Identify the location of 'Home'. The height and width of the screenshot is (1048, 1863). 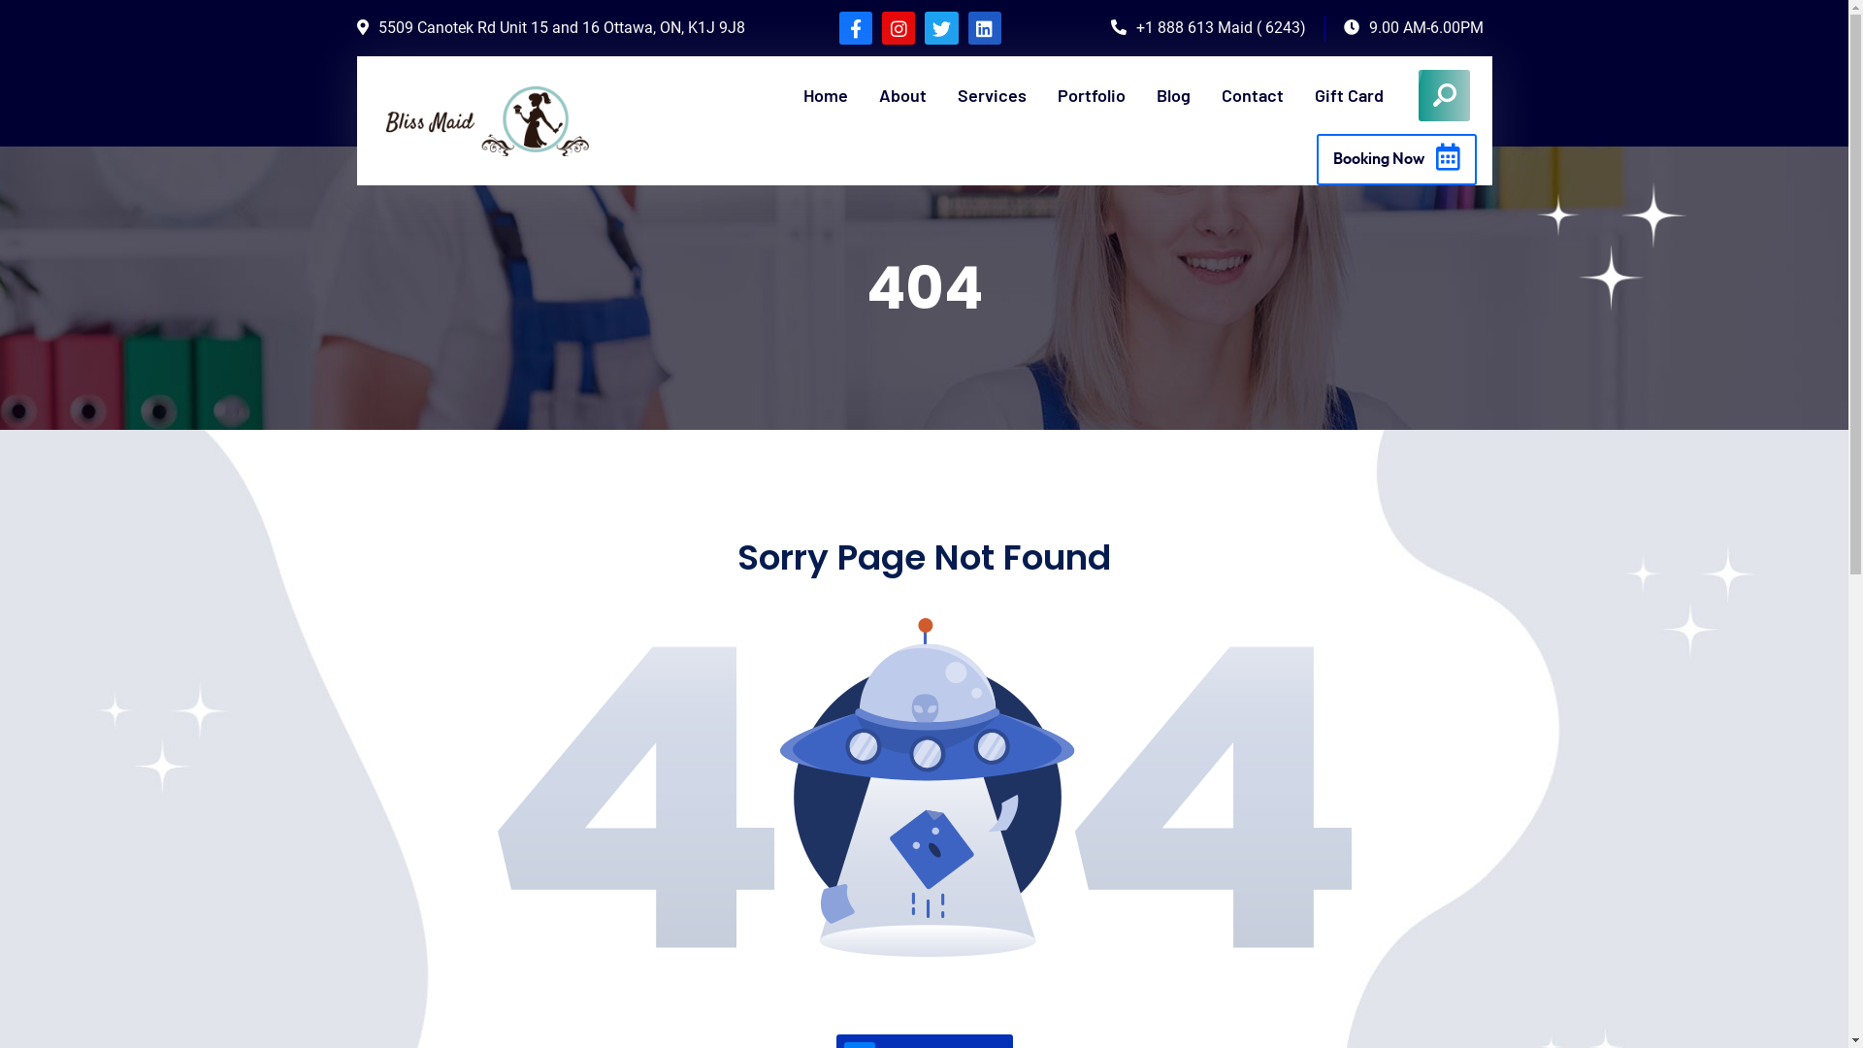
(825, 94).